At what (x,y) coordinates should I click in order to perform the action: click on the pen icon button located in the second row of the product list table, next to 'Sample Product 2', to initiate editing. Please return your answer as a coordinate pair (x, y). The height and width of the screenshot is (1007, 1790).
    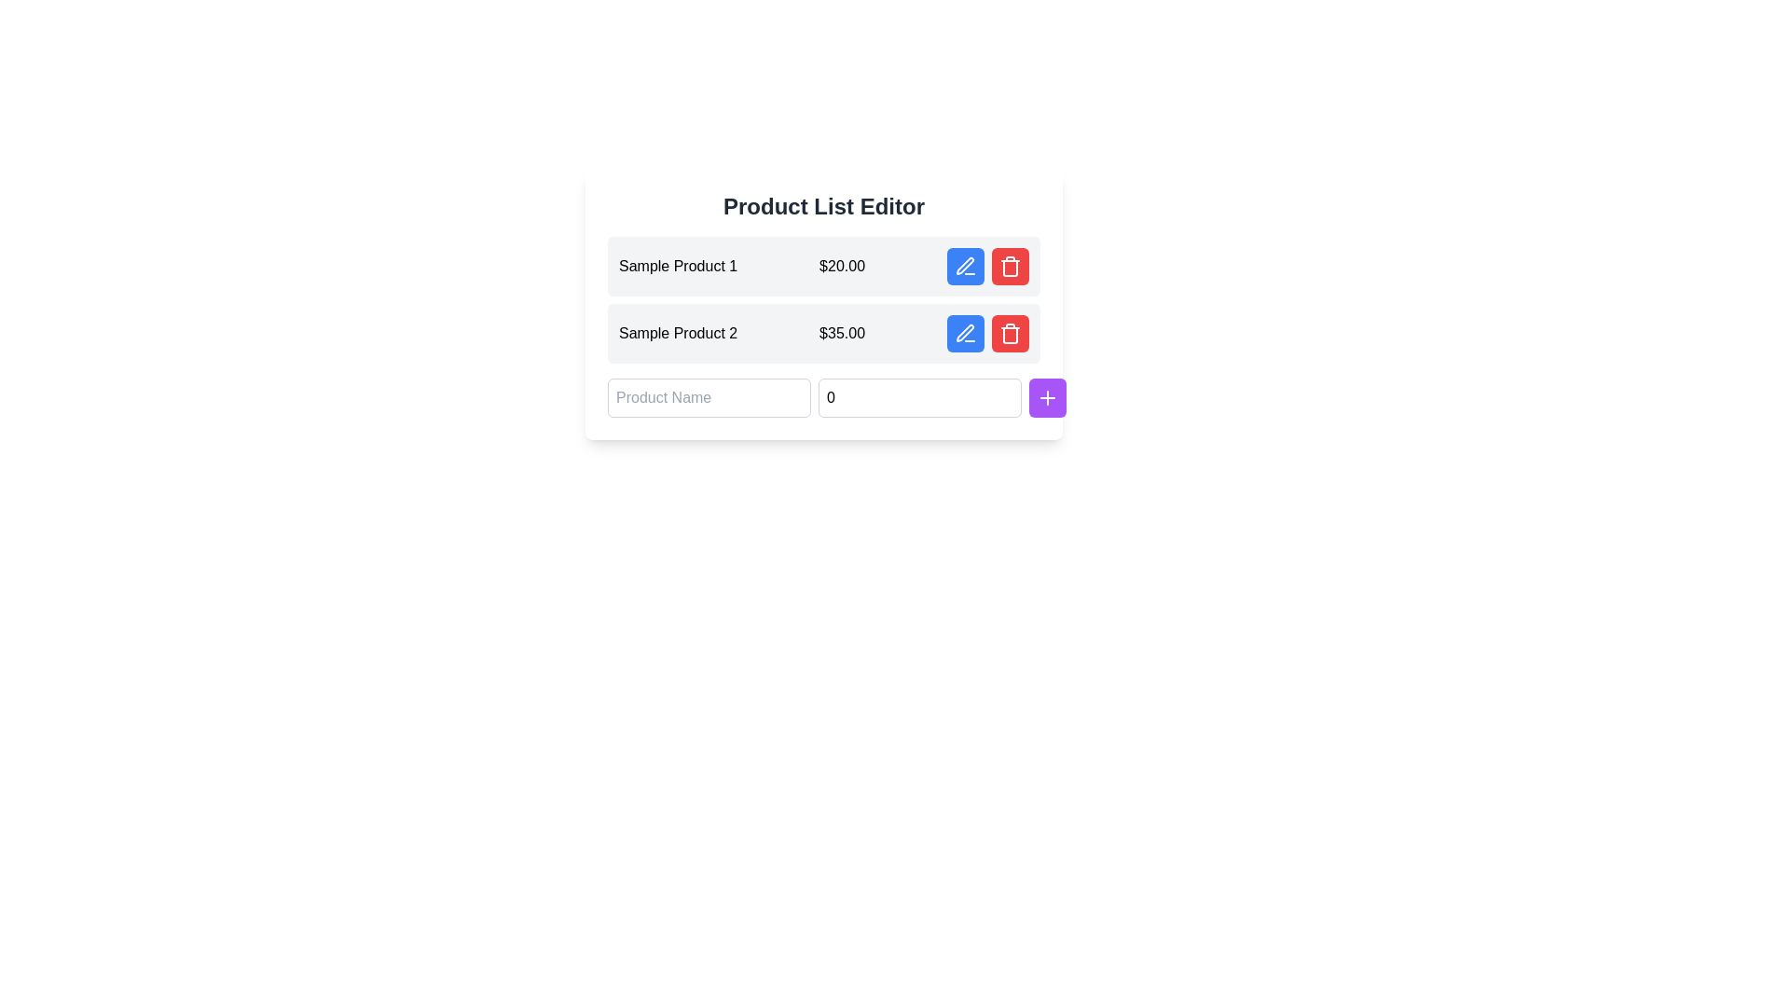
    Looking at the image, I should click on (965, 332).